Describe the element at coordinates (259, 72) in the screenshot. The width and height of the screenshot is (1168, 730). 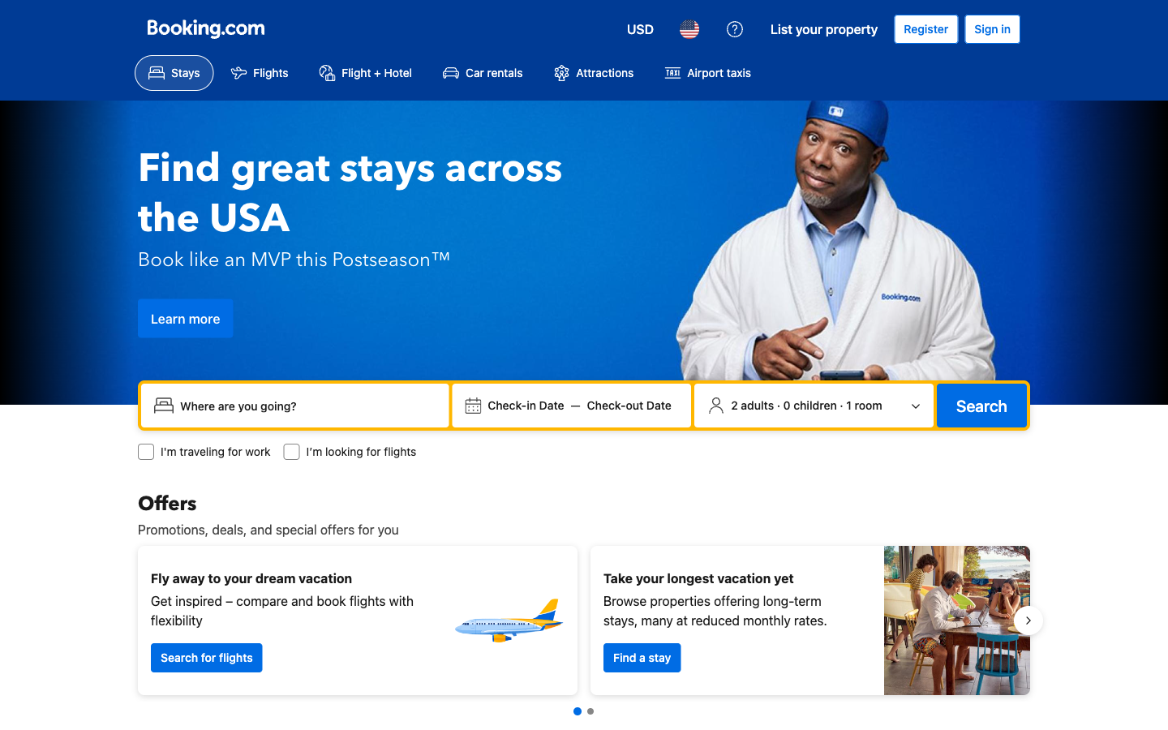
I see `the flights icon for browsing flight options` at that location.